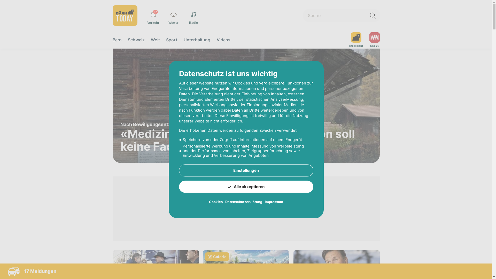  I want to click on 'RADIO BERN1', so click(356, 40).